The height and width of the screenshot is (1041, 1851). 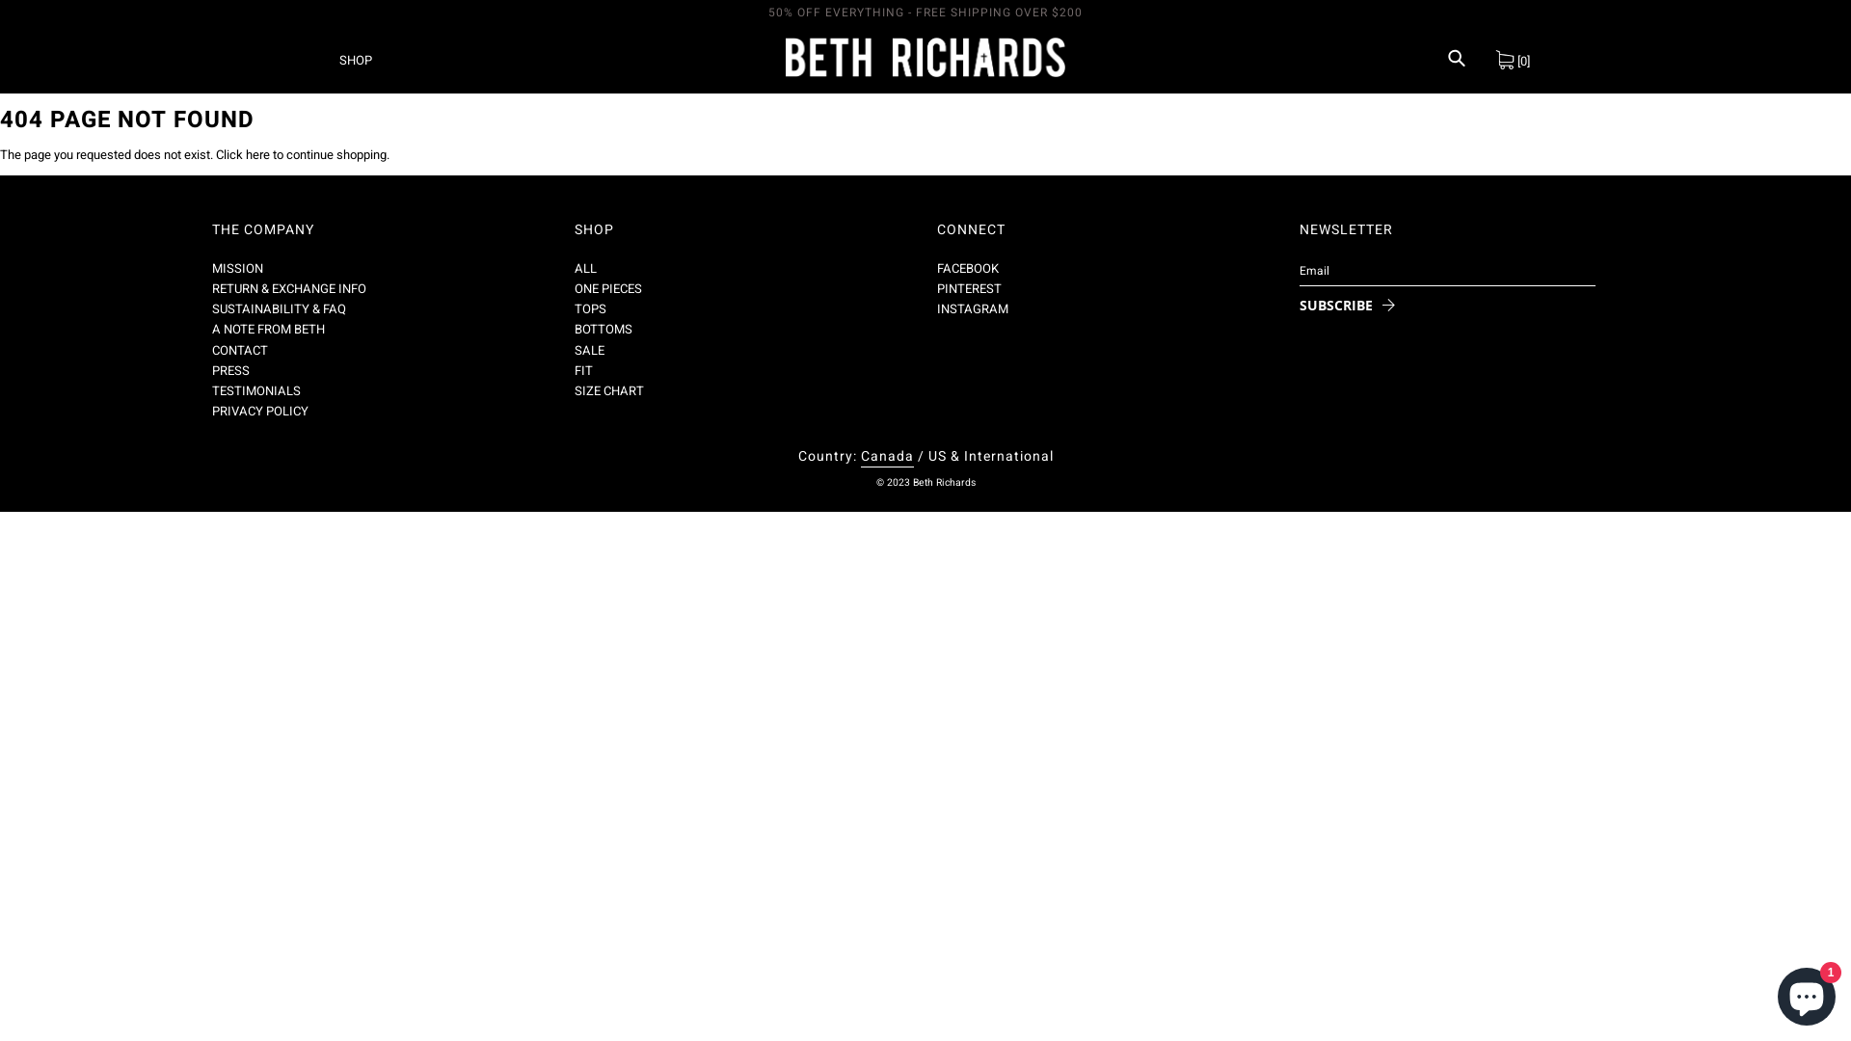 I want to click on 'SHOP', so click(x=356, y=58).